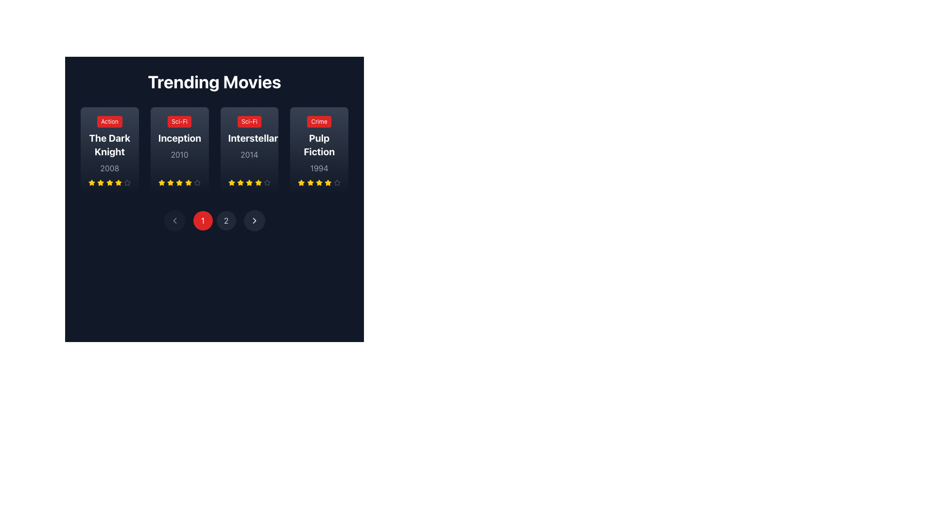  What do you see at coordinates (202, 220) in the screenshot?
I see `the circular red button with the digit '1' in white text` at bounding box center [202, 220].